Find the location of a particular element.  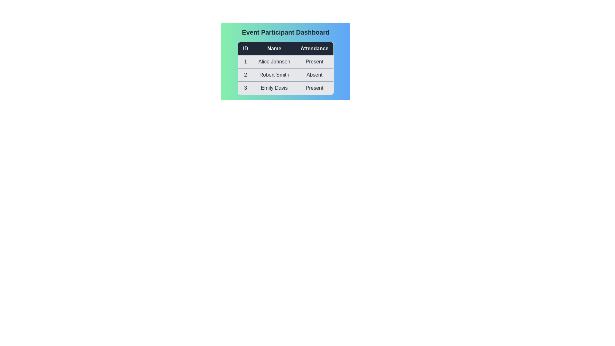

'ID' label in the table header to understand the column purpose, which is the first element in a row with 'Name' and 'Attendance' is located at coordinates (245, 48).